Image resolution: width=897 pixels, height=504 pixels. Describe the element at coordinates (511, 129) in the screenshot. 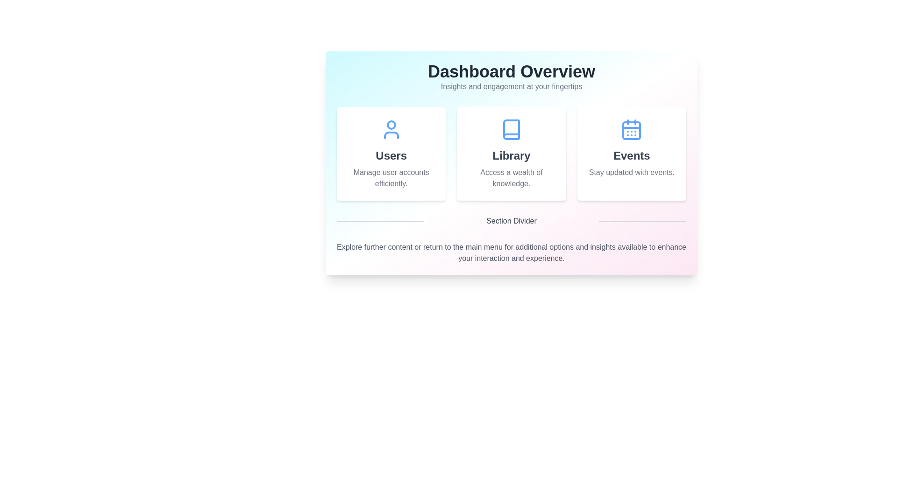

I see `the 'Library' icon located in the central card of a three-card layout on the dashboard interface` at that location.